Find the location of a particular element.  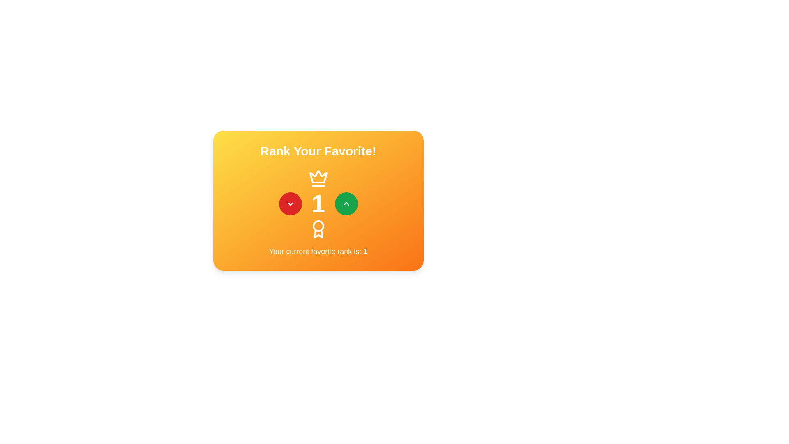

the crown icon representing the ranking feature located at the center of the card widget, positioned above the number '1' is located at coordinates (318, 176).